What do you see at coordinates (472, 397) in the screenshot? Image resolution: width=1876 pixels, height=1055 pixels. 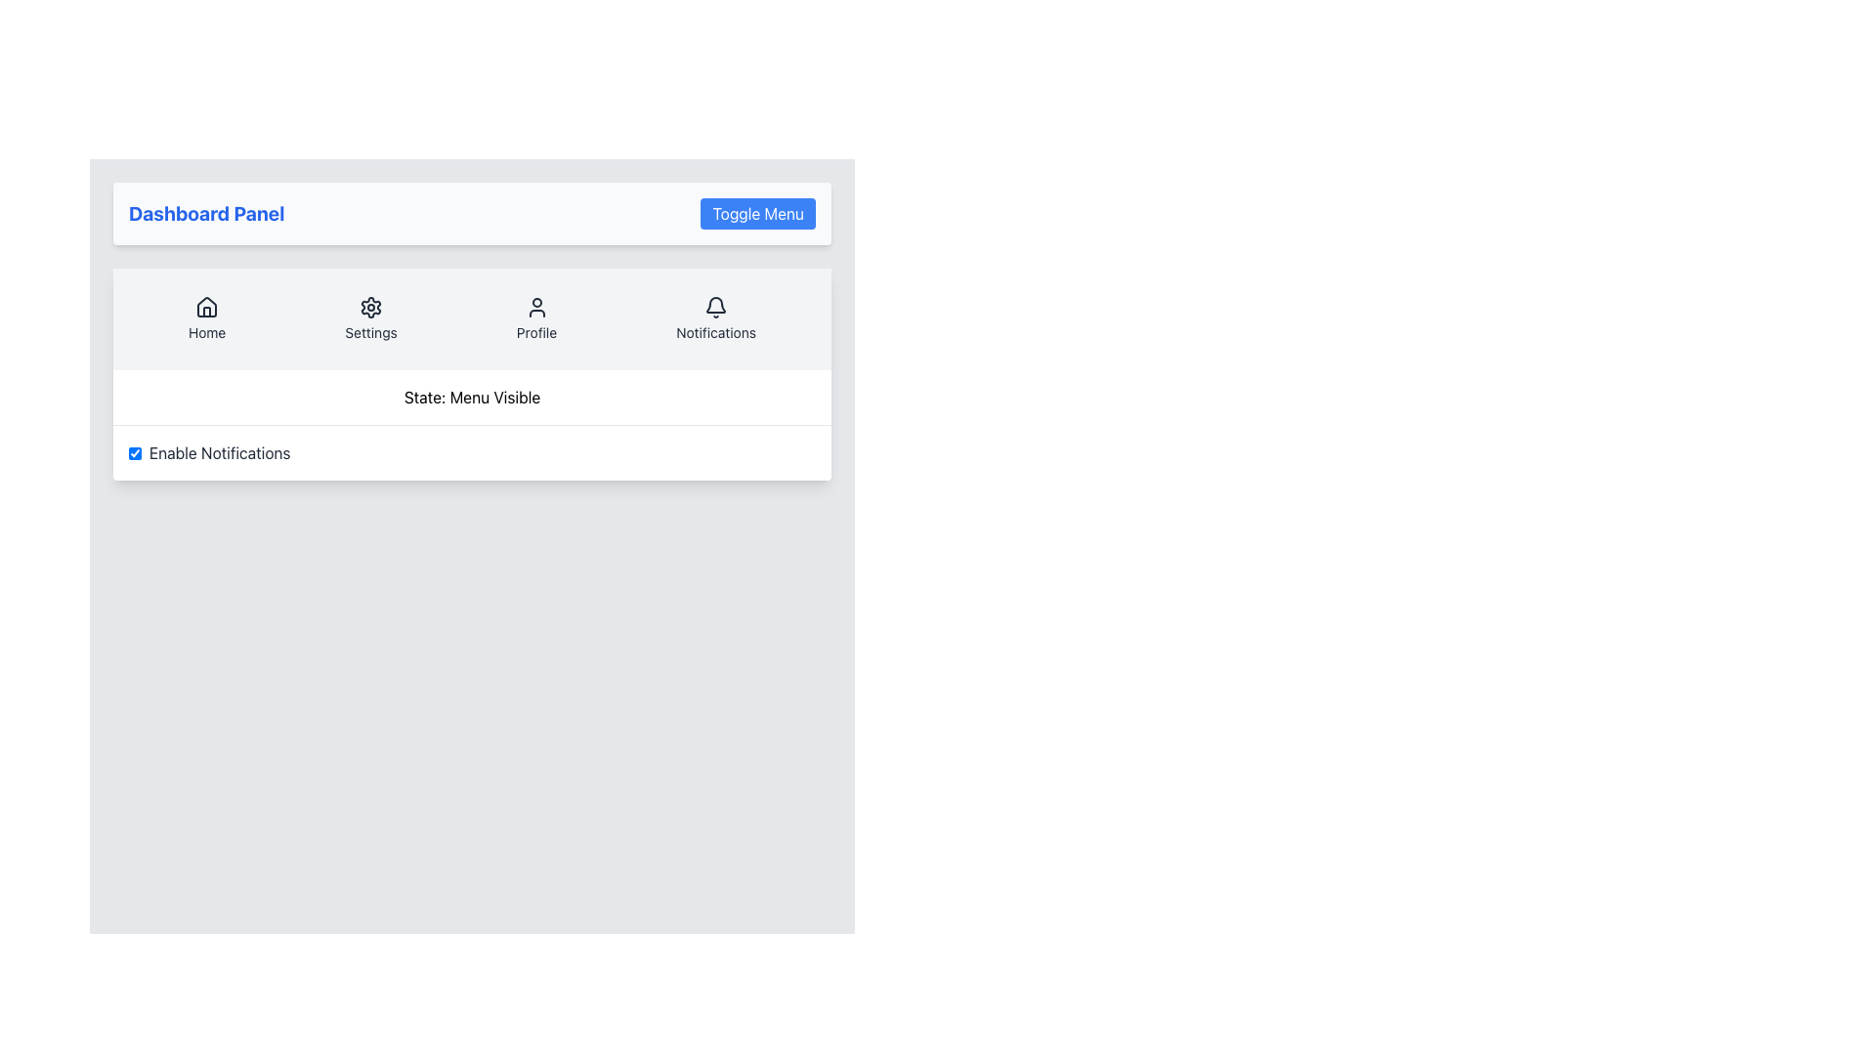 I see `static text label displaying 'State: Menu Visible', which is centered in the content area below the navigation bar and above the 'Enable Notifications' checkbox` at bounding box center [472, 397].